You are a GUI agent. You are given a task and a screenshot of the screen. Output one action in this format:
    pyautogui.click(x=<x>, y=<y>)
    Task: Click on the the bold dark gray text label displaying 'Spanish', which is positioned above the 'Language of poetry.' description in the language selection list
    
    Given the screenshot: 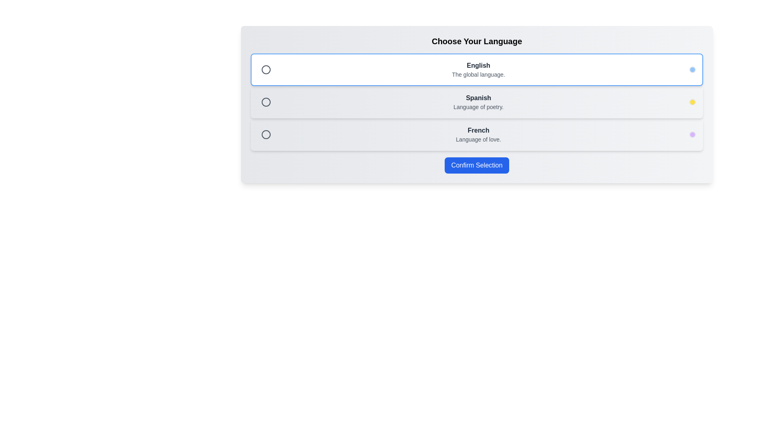 What is the action you would take?
    pyautogui.click(x=478, y=98)
    